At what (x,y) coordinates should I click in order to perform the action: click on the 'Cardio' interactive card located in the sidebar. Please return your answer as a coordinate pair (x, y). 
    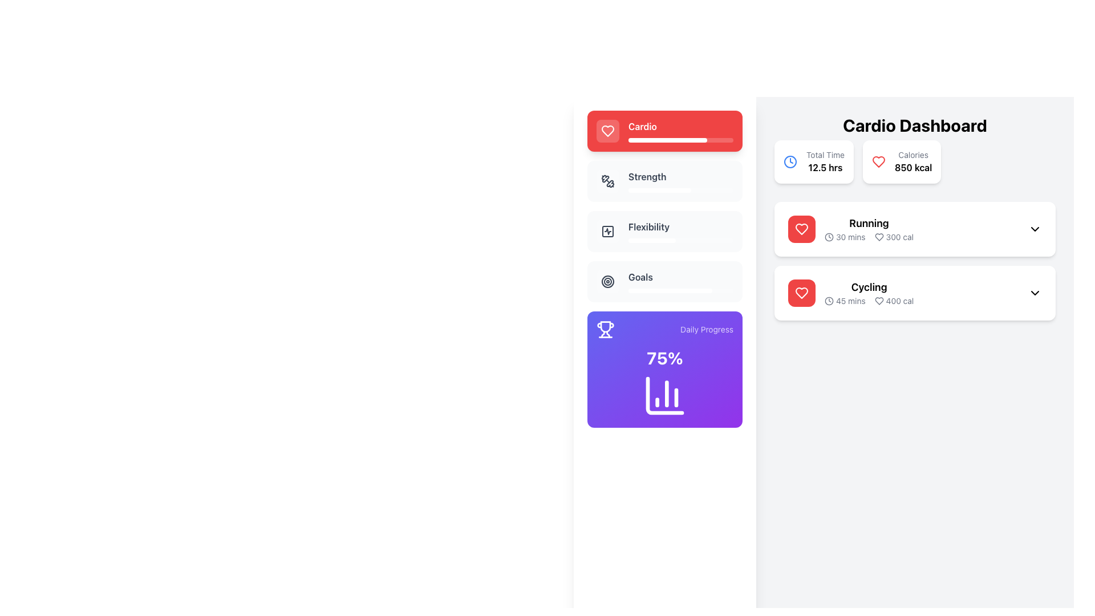
    Looking at the image, I should click on (665, 131).